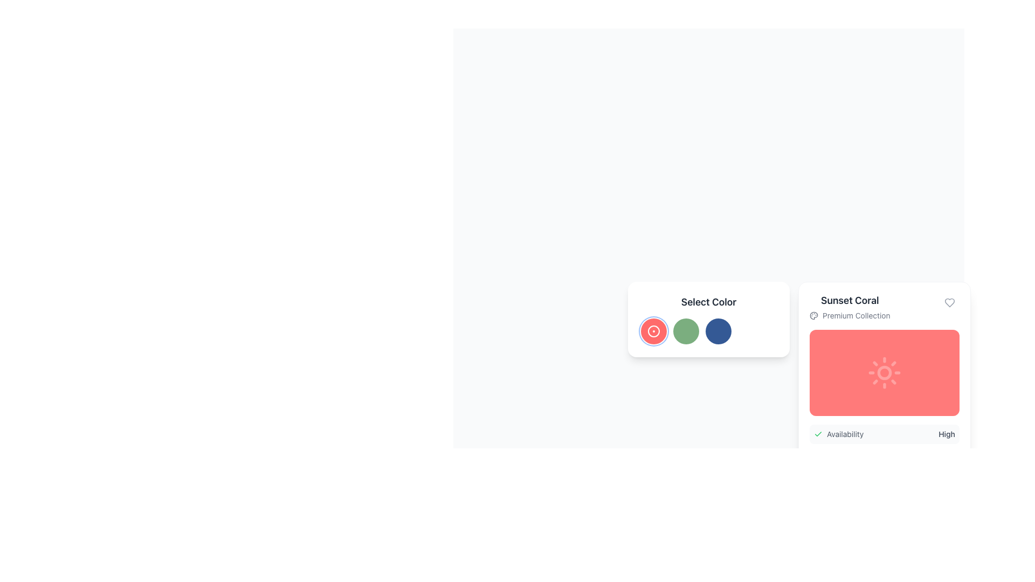  What do you see at coordinates (885, 408) in the screenshot?
I see `the details provided in the Informational card for the 'Sunset Coral' selection, which is the first card below the 'Select Color' section` at bounding box center [885, 408].